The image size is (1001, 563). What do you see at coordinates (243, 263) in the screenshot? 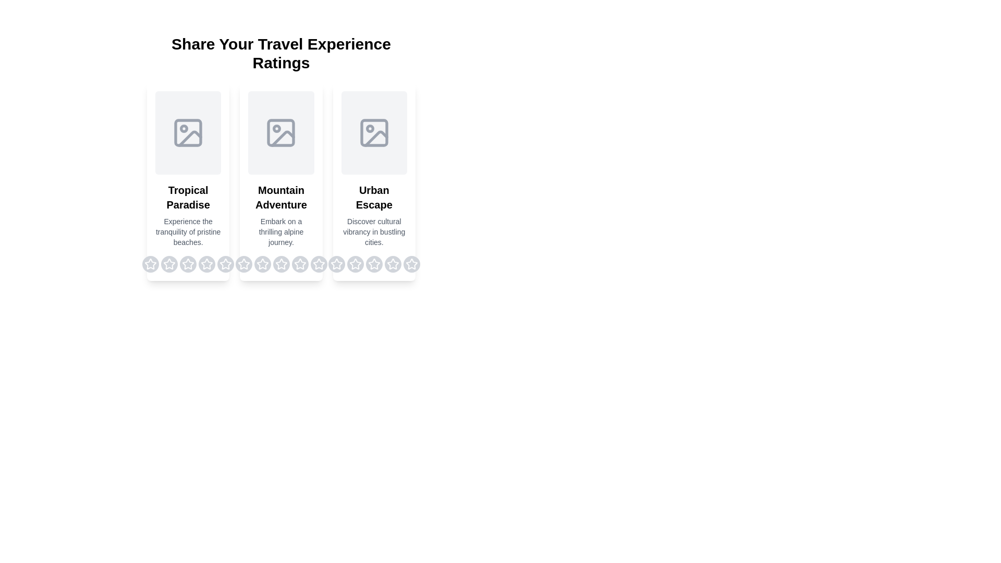
I see `the rating for a destination to 1 stars by clicking on the corresponding star for the destination Mountain Adventure` at bounding box center [243, 263].